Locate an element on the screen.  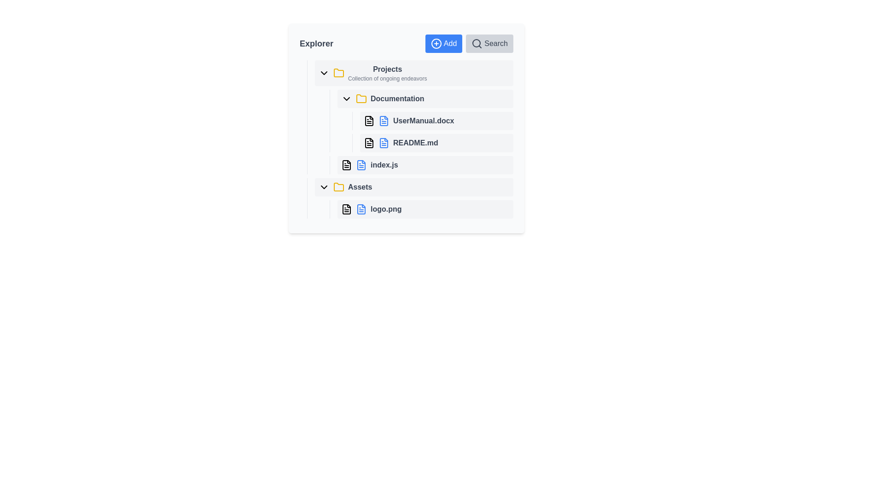
the blue file-shaped icon with a folded corner, which is the third item in the 'Documentation' folder is located at coordinates (384, 143).